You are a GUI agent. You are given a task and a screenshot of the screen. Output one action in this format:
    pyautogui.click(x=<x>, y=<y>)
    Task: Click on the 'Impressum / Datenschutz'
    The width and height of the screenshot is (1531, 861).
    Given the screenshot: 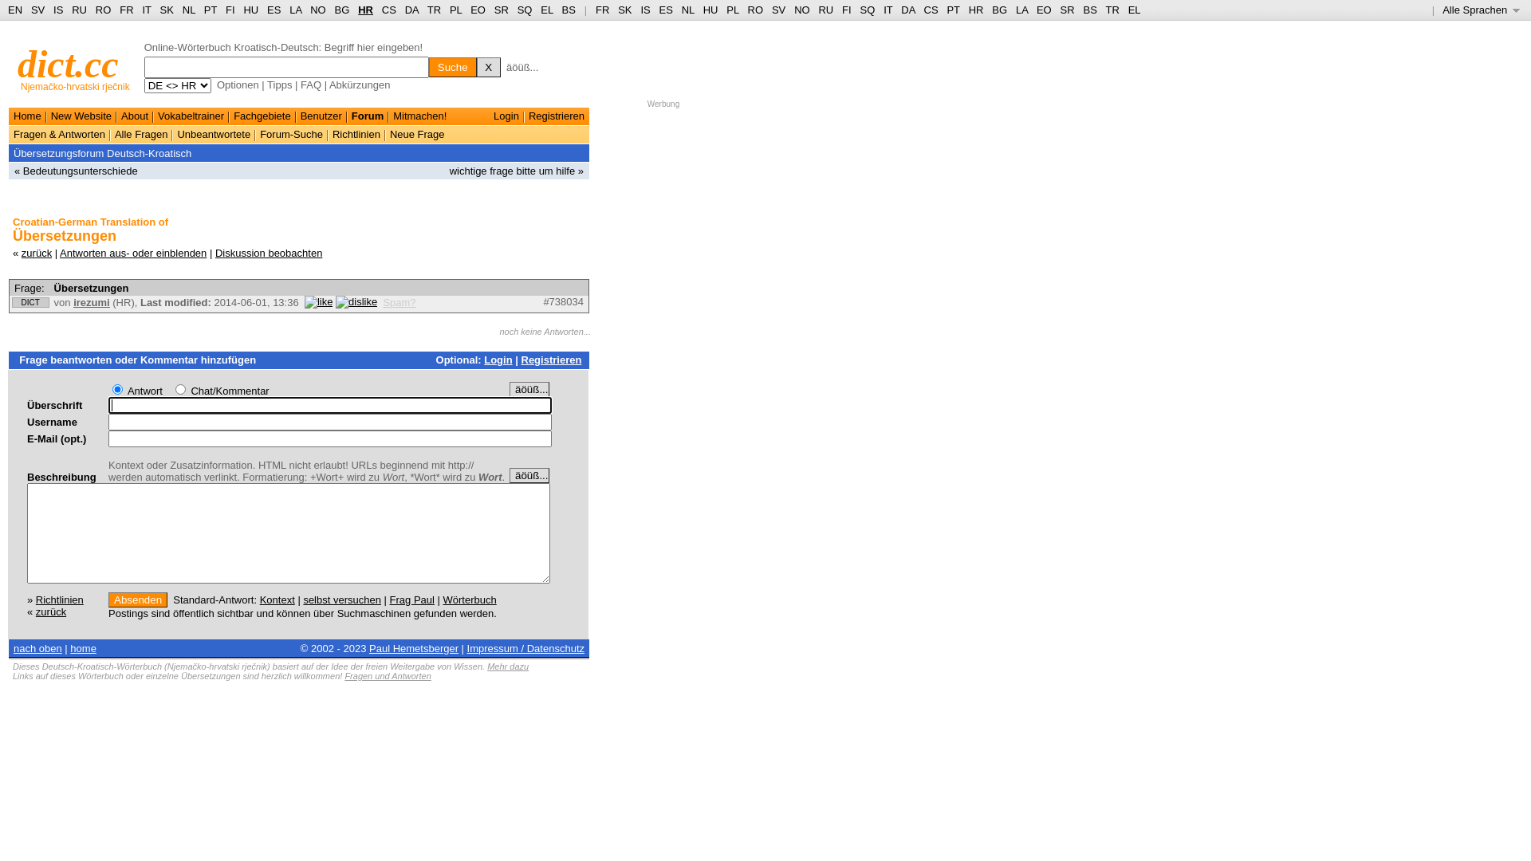 What is the action you would take?
    pyautogui.click(x=525, y=648)
    